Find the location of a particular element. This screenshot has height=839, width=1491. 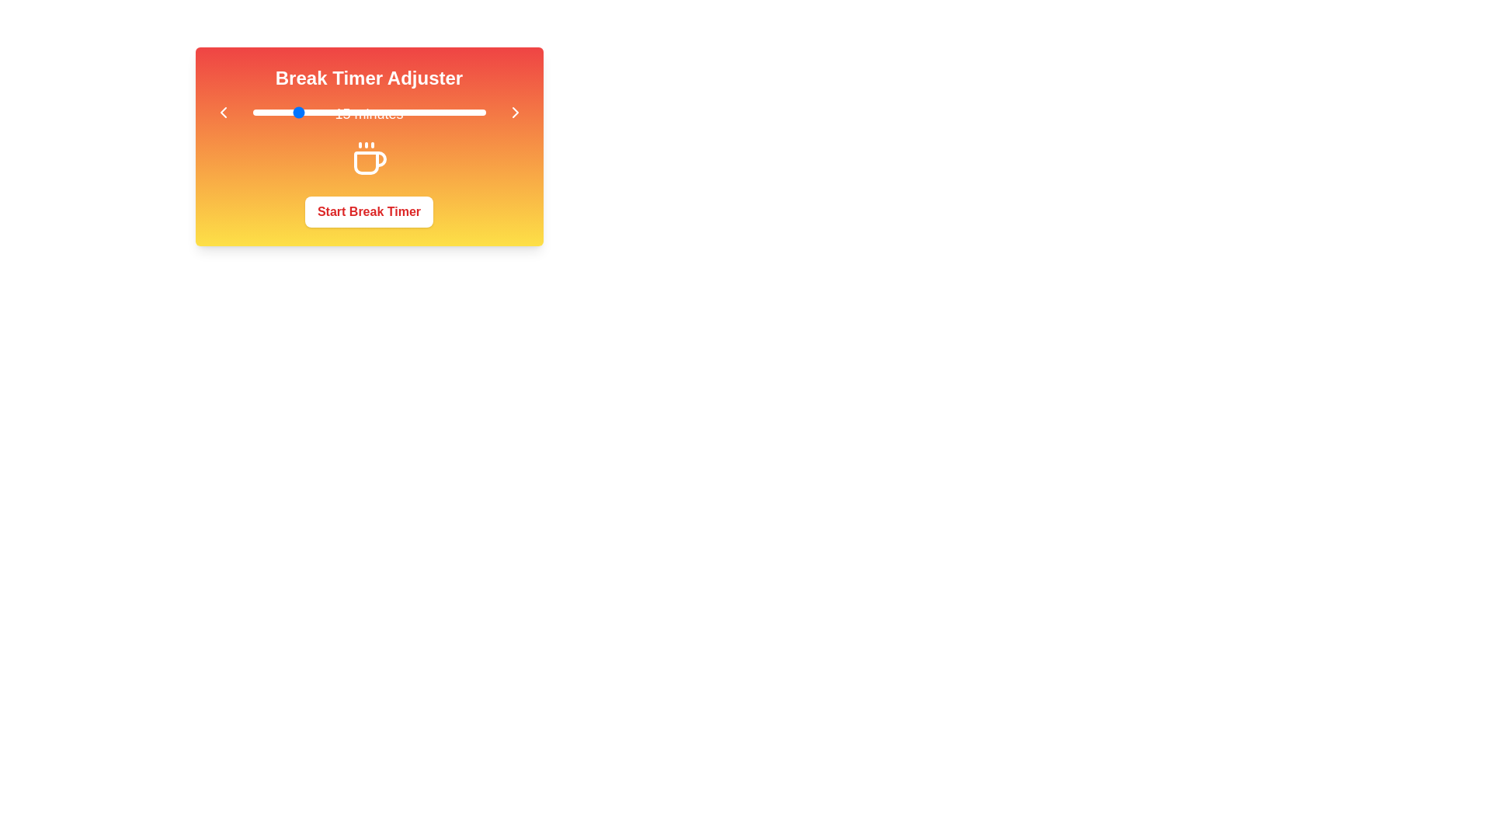

the text displaying the break duration to select it is located at coordinates (368, 112).